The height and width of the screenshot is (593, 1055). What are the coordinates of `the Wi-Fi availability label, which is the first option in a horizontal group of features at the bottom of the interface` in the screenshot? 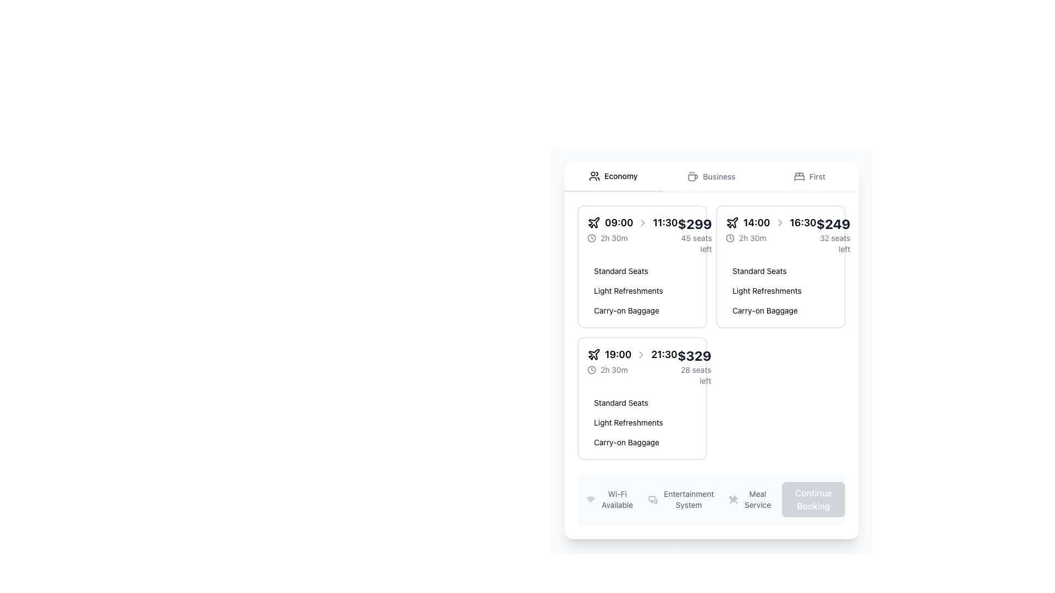 It's located at (610, 500).